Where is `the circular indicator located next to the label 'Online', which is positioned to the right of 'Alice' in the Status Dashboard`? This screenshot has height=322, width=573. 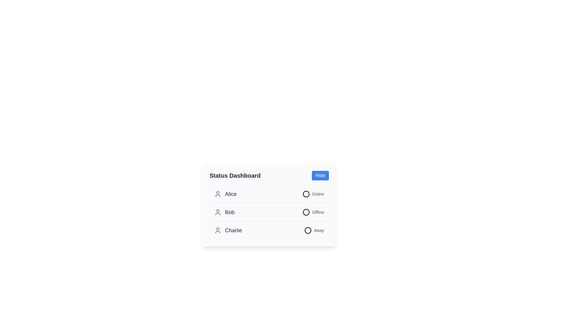
the circular indicator located next to the label 'Online', which is positioned to the right of 'Alice' in the Status Dashboard is located at coordinates (306, 194).